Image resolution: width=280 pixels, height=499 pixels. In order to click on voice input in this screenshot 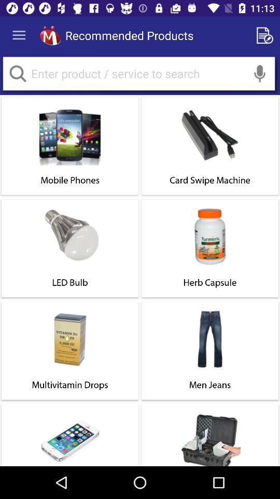, I will do `click(259, 73)`.